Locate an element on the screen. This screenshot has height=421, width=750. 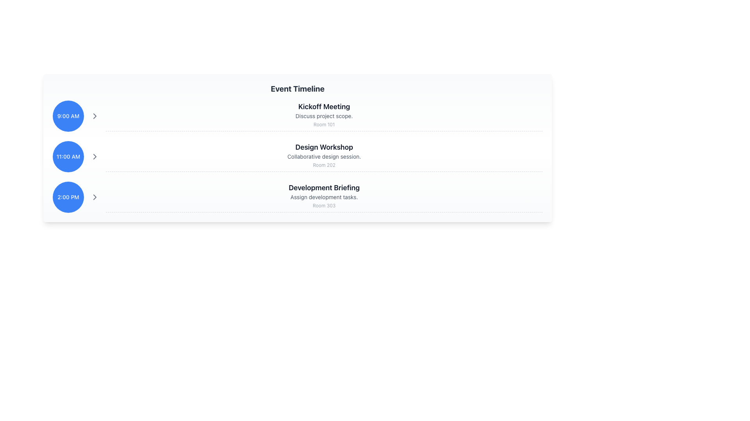
the right-pointing arrow button, which is light gray and located next to the blue circle displaying '11:00 AM' is located at coordinates (95, 156).